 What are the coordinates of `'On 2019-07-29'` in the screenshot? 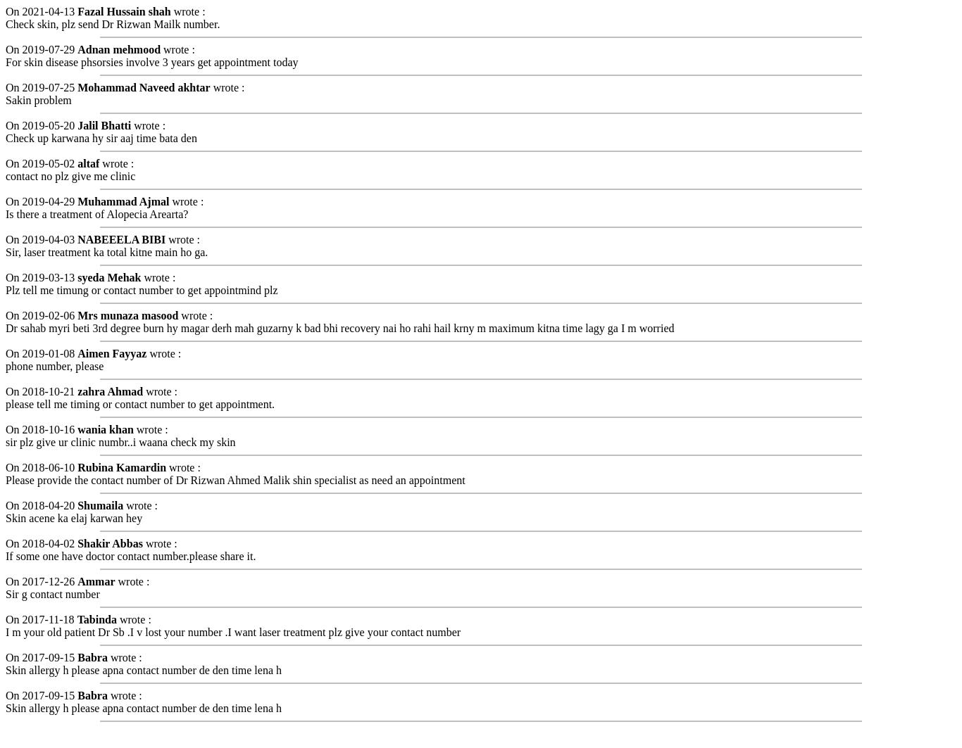 It's located at (42, 49).